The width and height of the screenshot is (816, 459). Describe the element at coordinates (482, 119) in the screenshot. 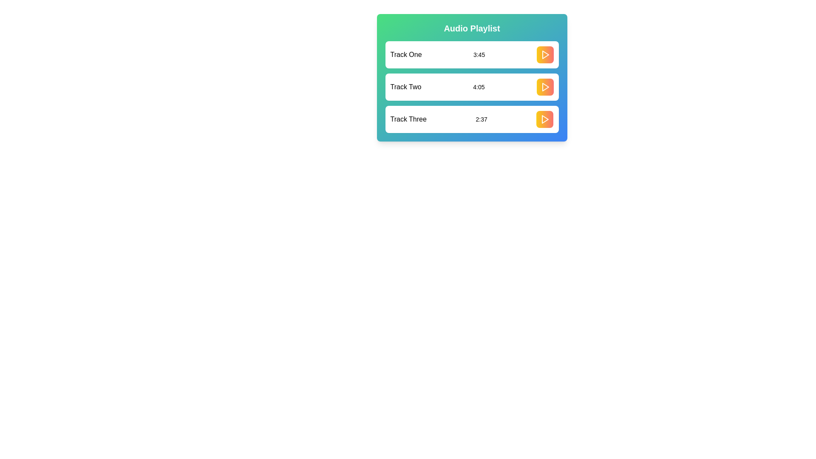

I see `the duration text label for 'Track Three' in the audio playlist, which indicates the length of the audio track` at that location.